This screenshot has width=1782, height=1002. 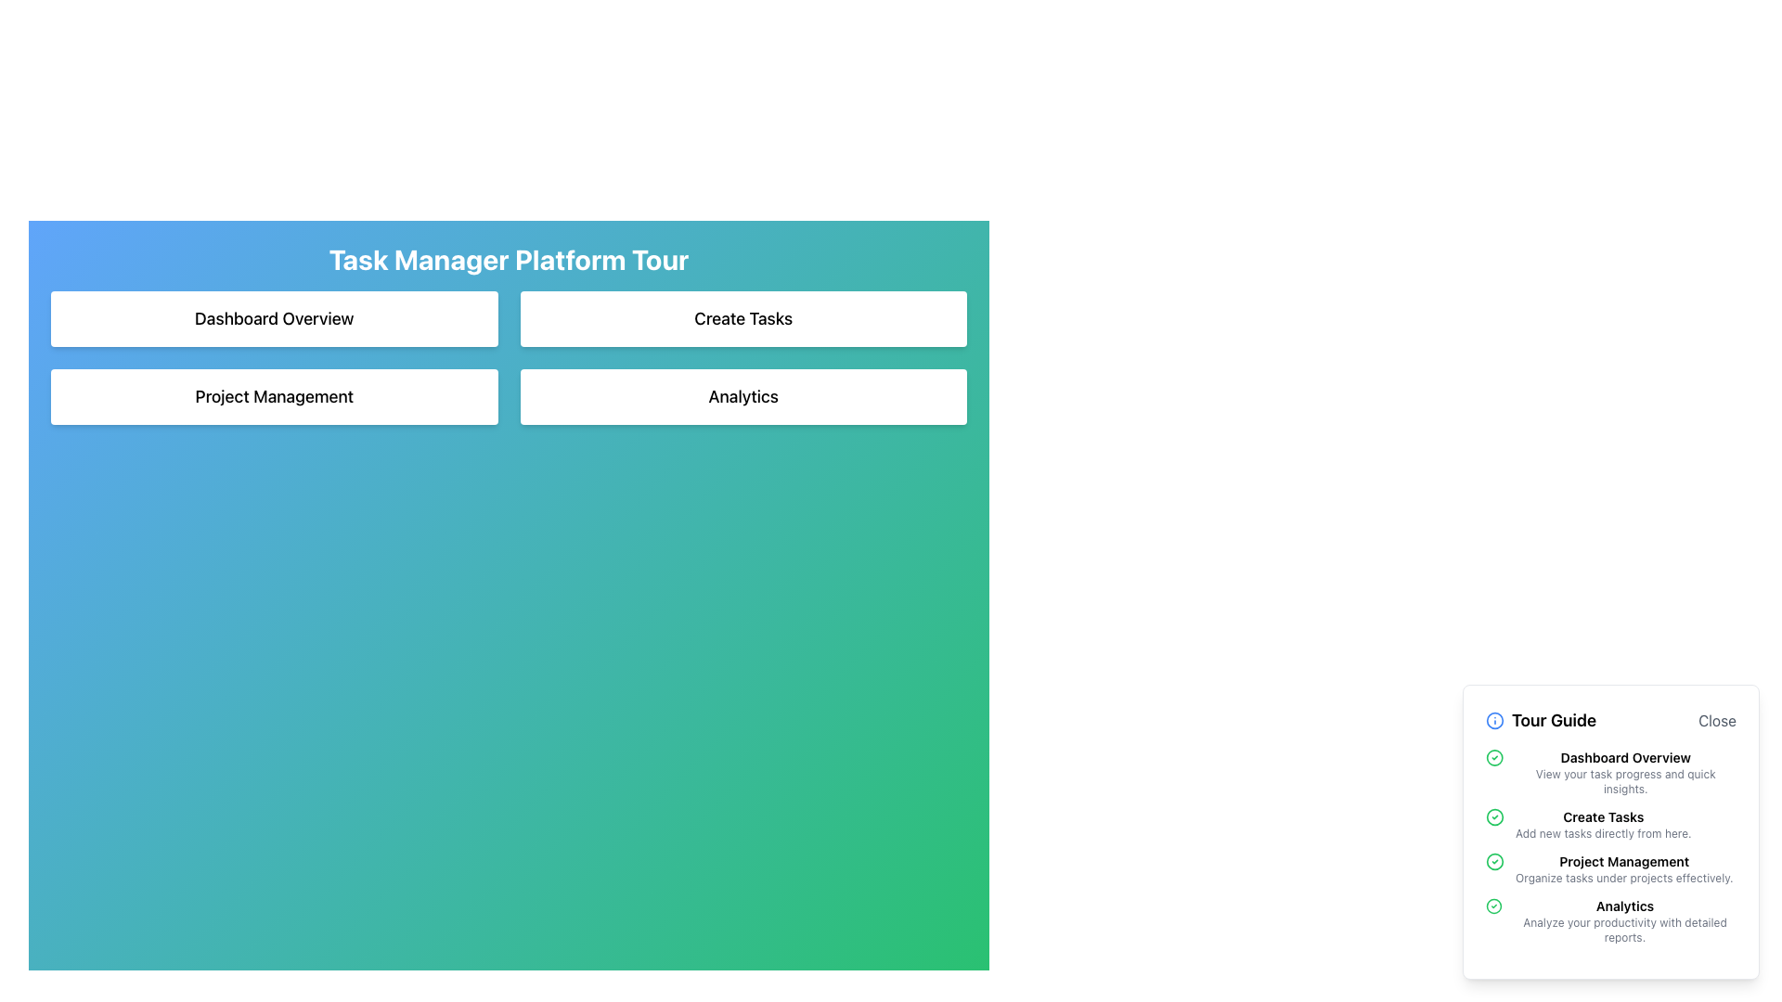 What do you see at coordinates (1610, 773) in the screenshot?
I see `the Informational item with icon in the 'Tour Guide' sidebar located on the right side of the interface, positioned above the 'Create Tasks' section` at bounding box center [1610, 773].